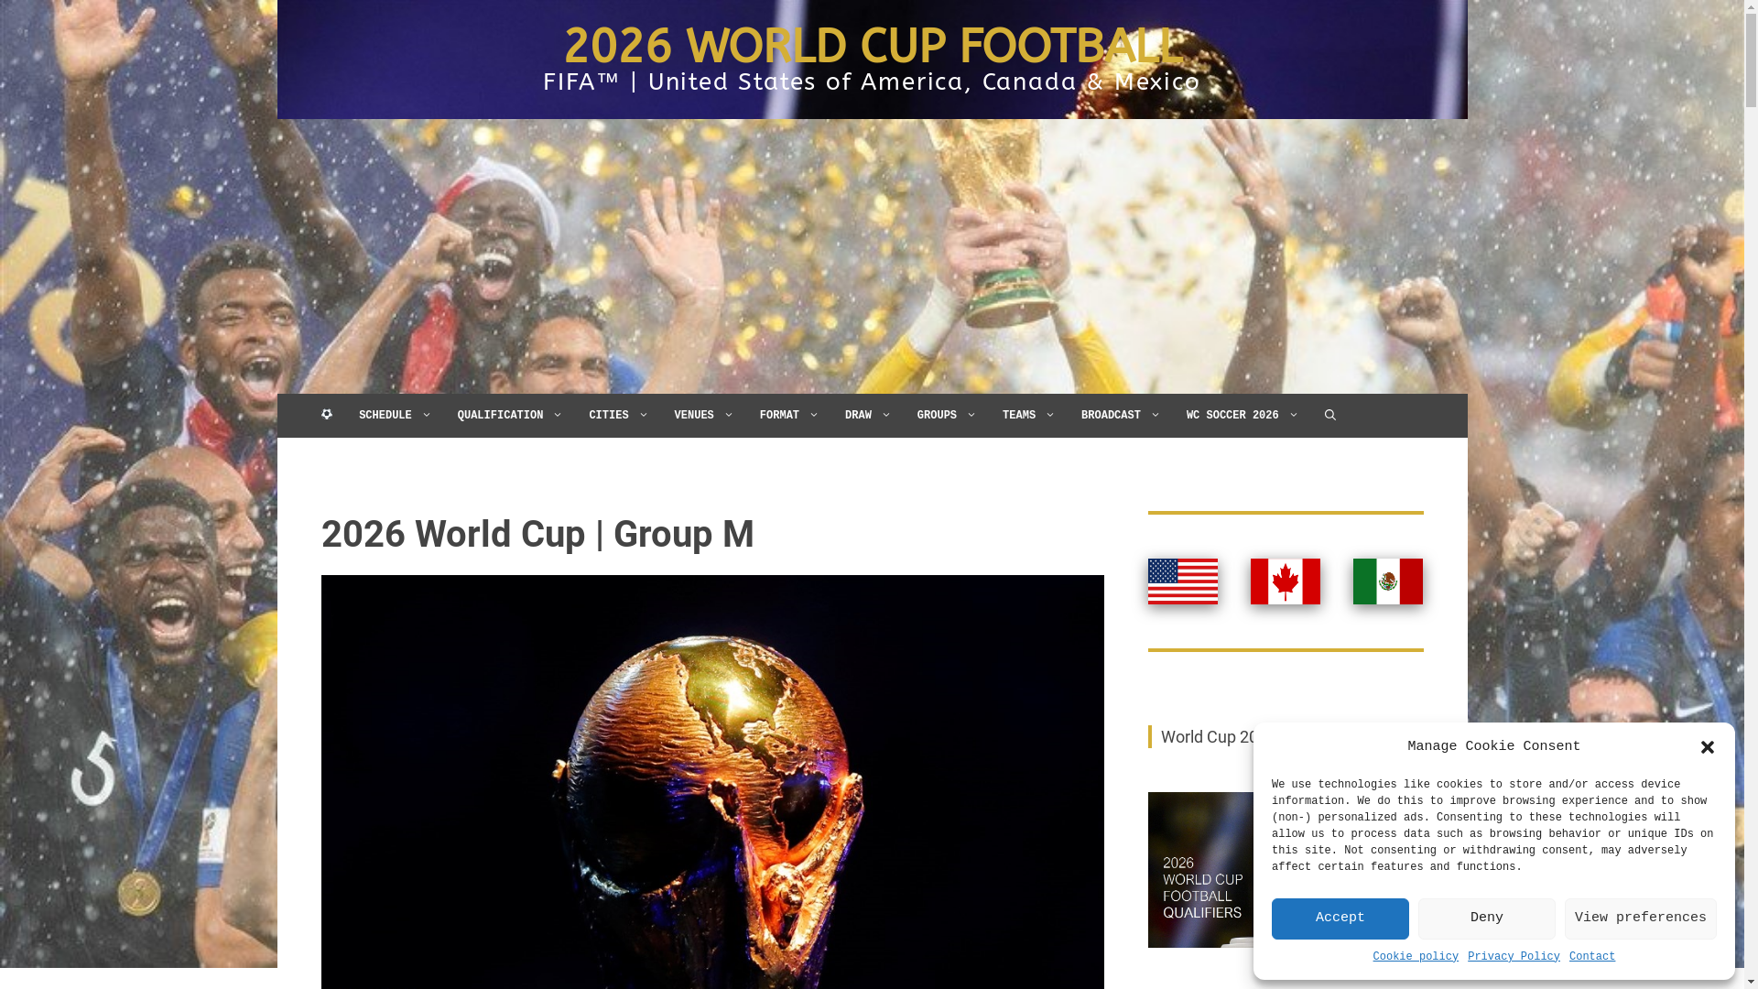 Image resolution: width=1758 pixels, height=989 pixels. I want to click on 'WC SOCCER 2026', so click(1243, 416).